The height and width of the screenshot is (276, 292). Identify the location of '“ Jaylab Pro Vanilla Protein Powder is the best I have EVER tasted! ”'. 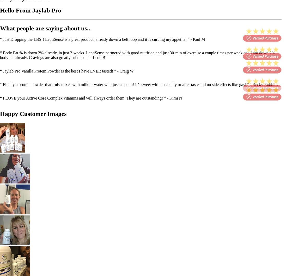
(58, 70).